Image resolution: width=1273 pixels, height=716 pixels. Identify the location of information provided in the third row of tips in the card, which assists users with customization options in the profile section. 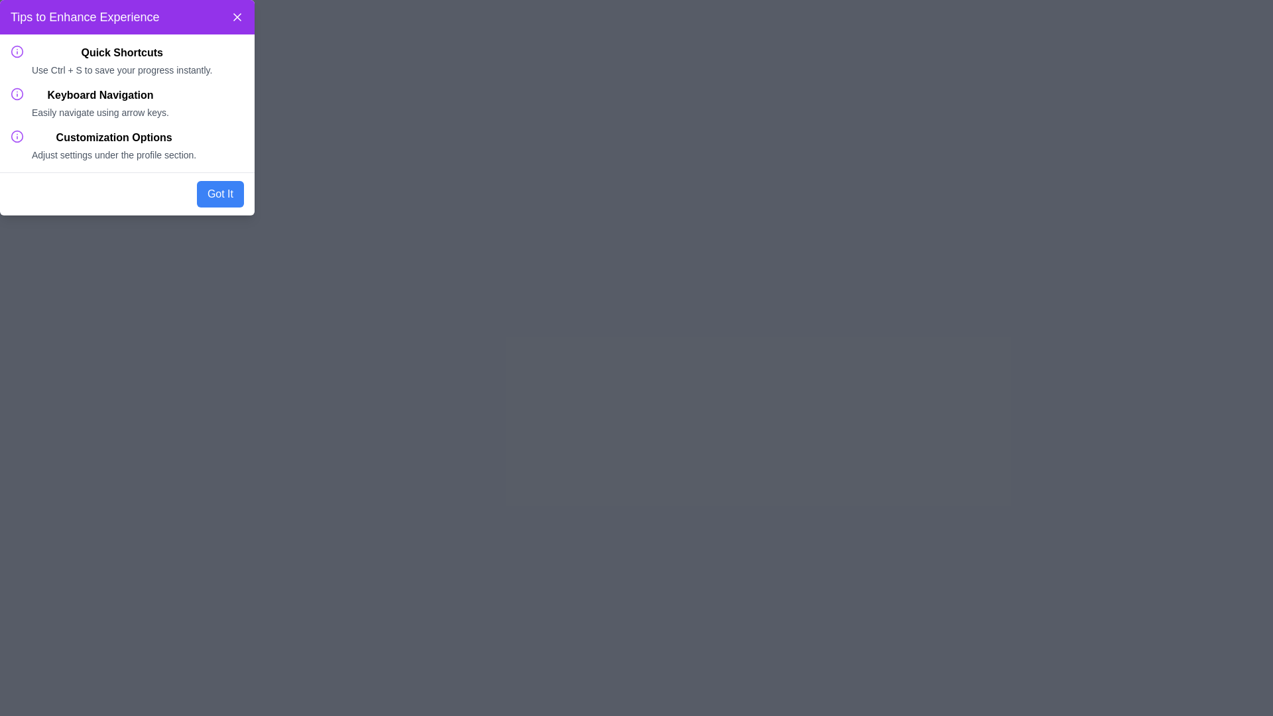
(127, 145).